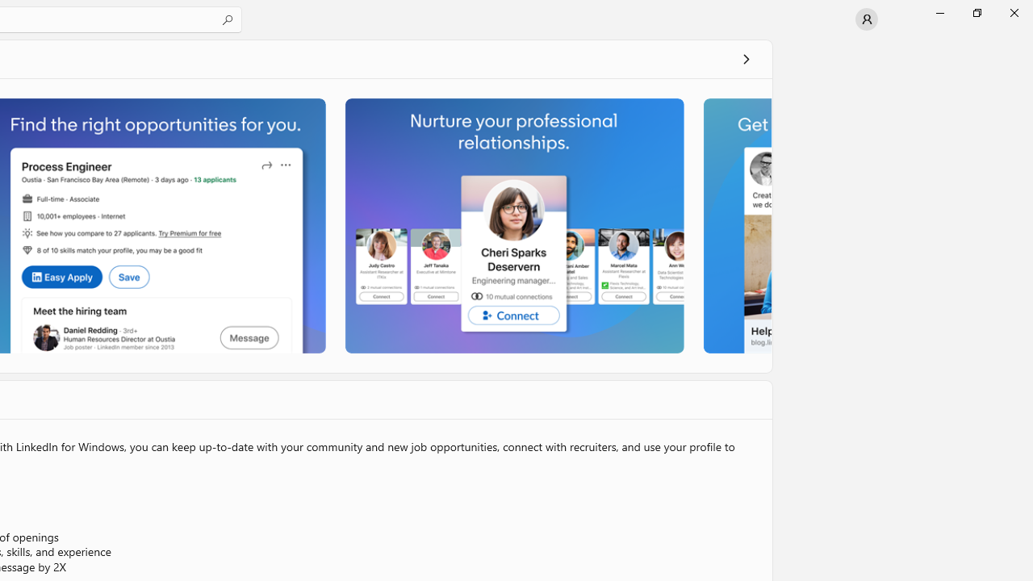 This screenshot has height=581, width=1033. Describe the element at coordinates (865, 19) in the screenshot. I see `'User profile'` at that location.